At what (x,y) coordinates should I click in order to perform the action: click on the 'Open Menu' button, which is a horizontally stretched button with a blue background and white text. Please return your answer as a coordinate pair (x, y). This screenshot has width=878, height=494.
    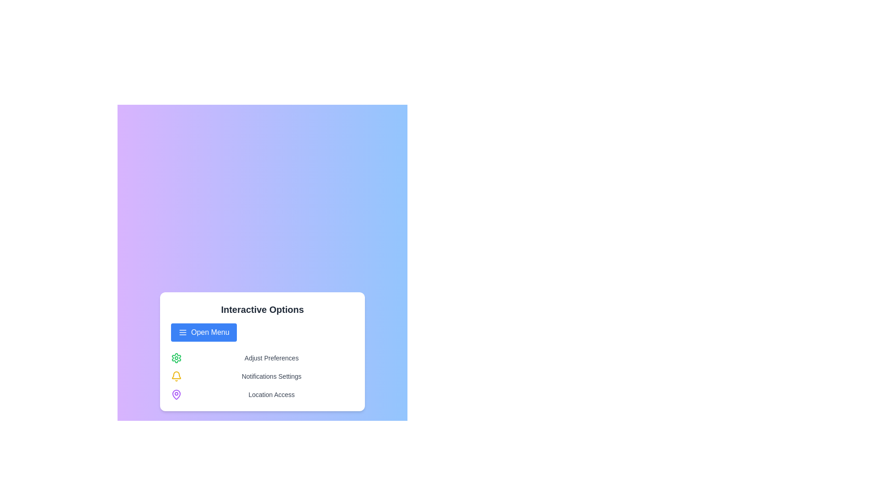
    Looking at the image, I should click on (203, 332).